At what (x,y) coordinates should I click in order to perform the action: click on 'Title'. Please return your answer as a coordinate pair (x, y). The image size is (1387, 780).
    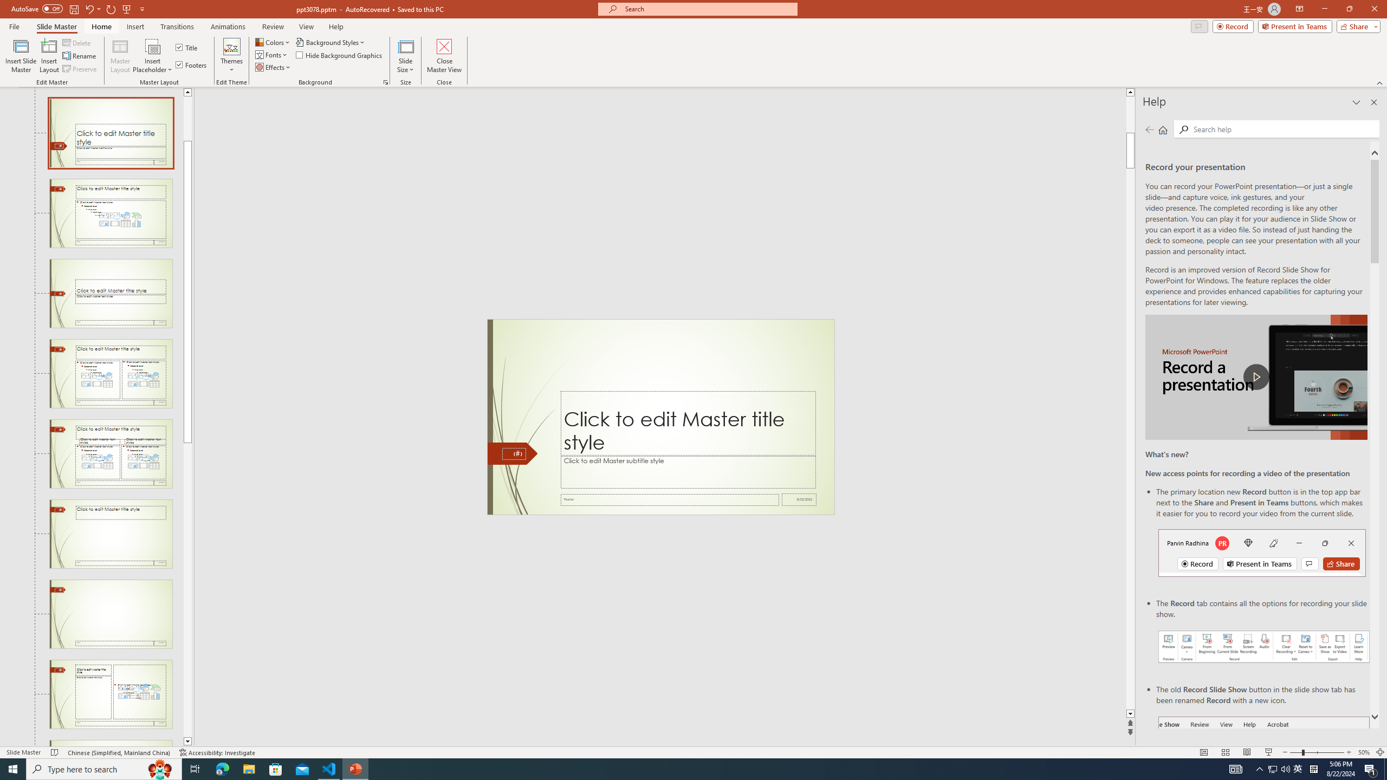
    Looking at the image, I should click on (187, 47).